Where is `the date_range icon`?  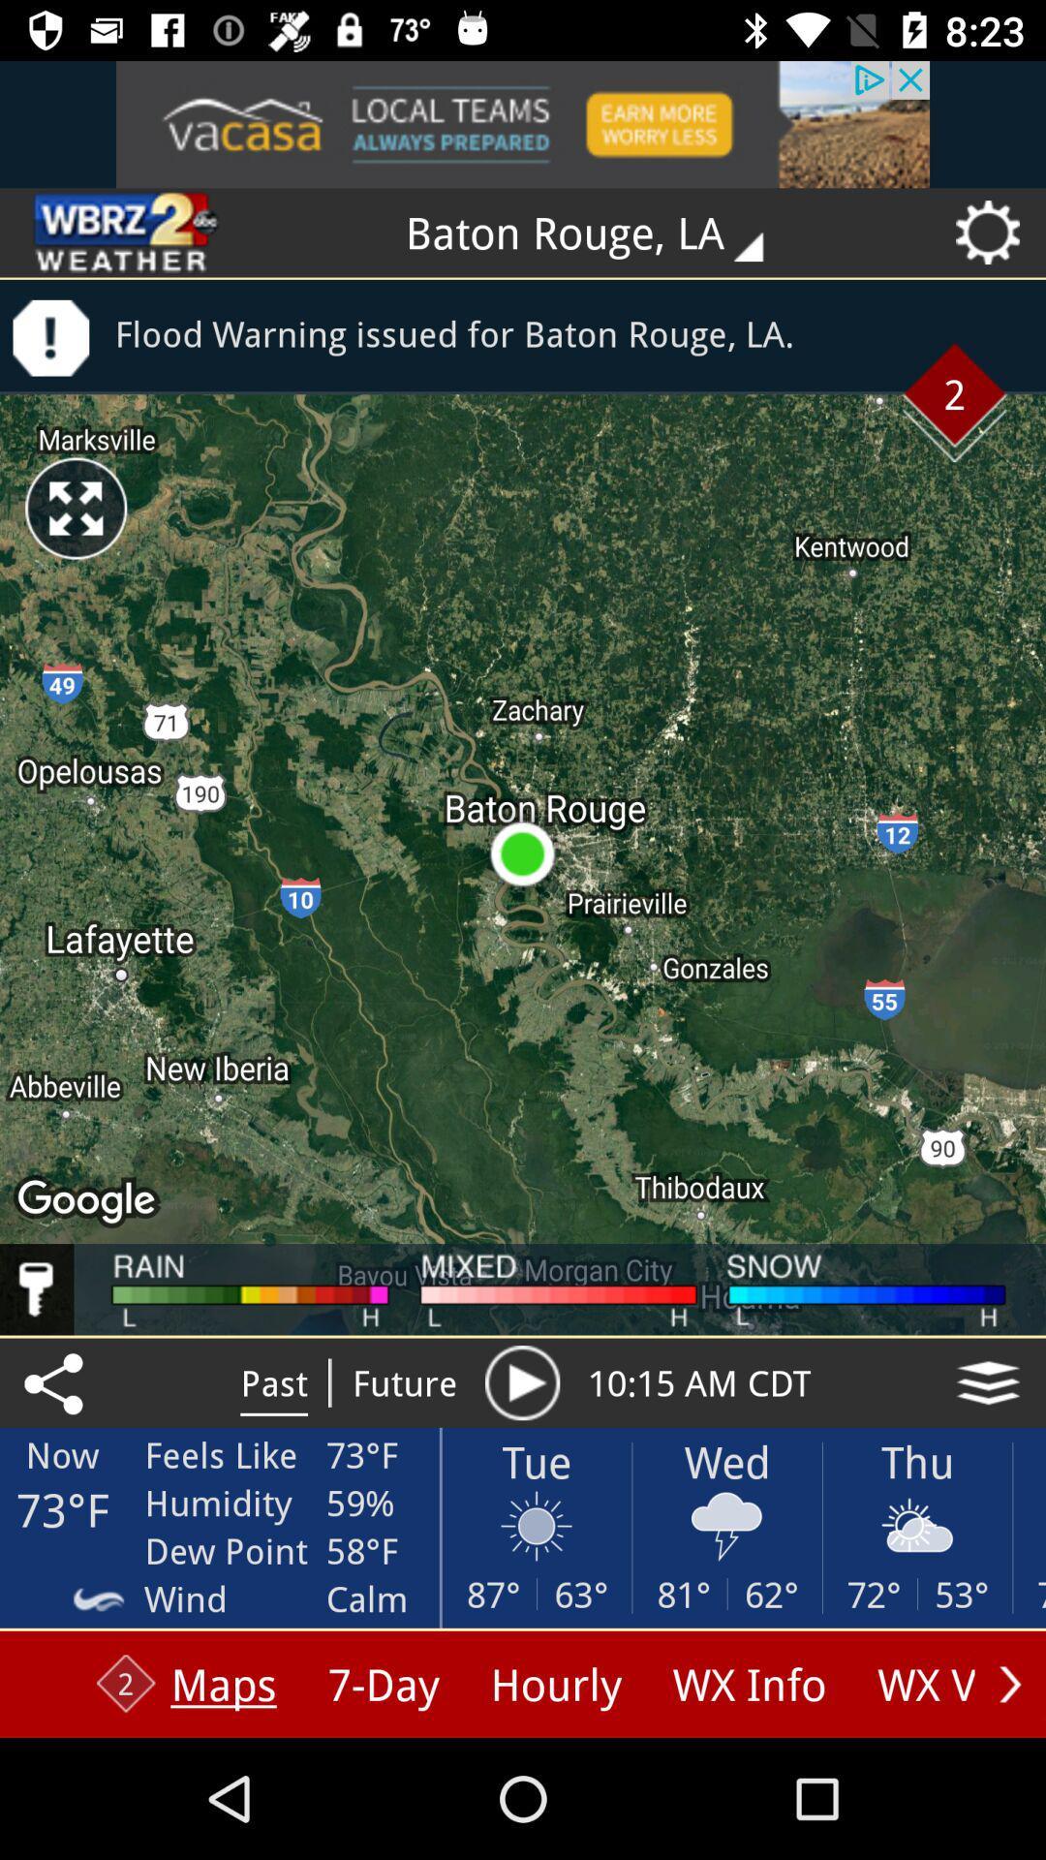 the date_range icon is located at coordinates (127, 232).